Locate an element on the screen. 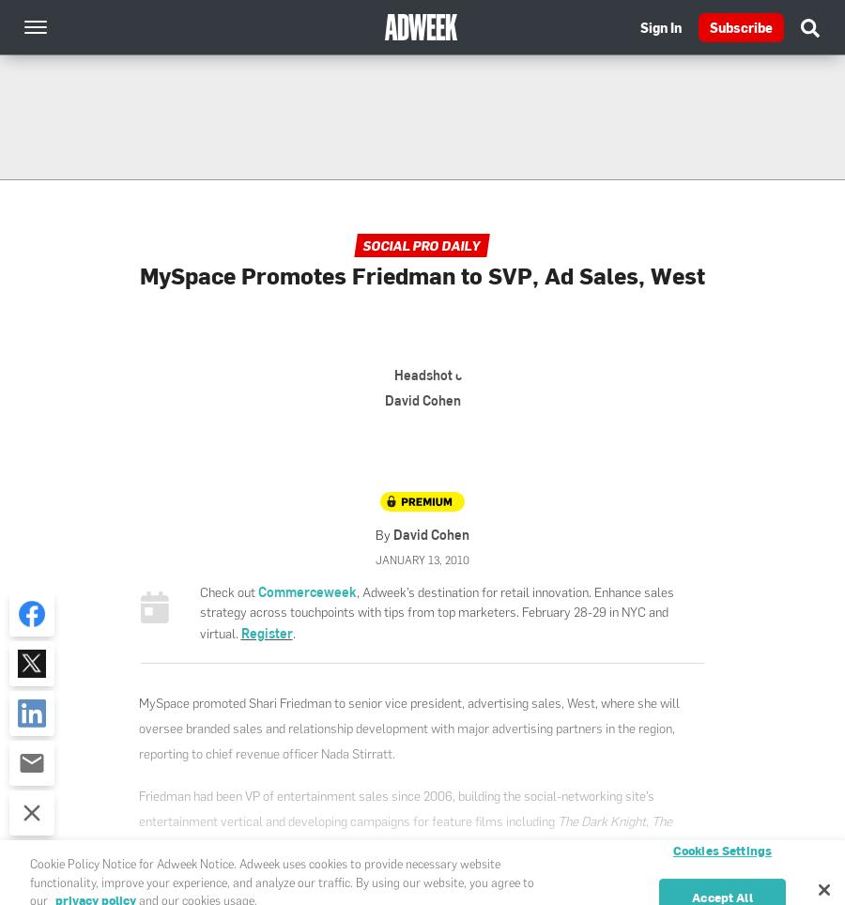 This screenshot has height=905, width=845. ',' is located at coordinates (648, 821).